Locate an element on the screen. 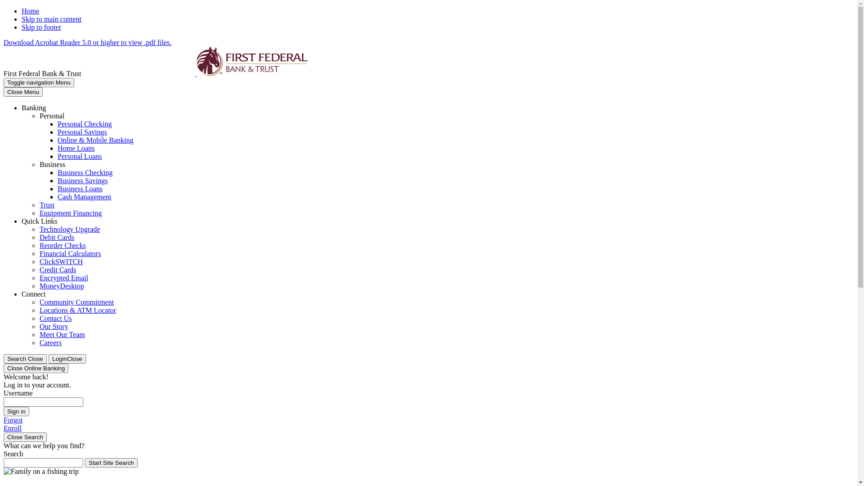 The width and height of the screenshot is (864, 486). 'Personal Checking' is located at coordinates (84, 124).